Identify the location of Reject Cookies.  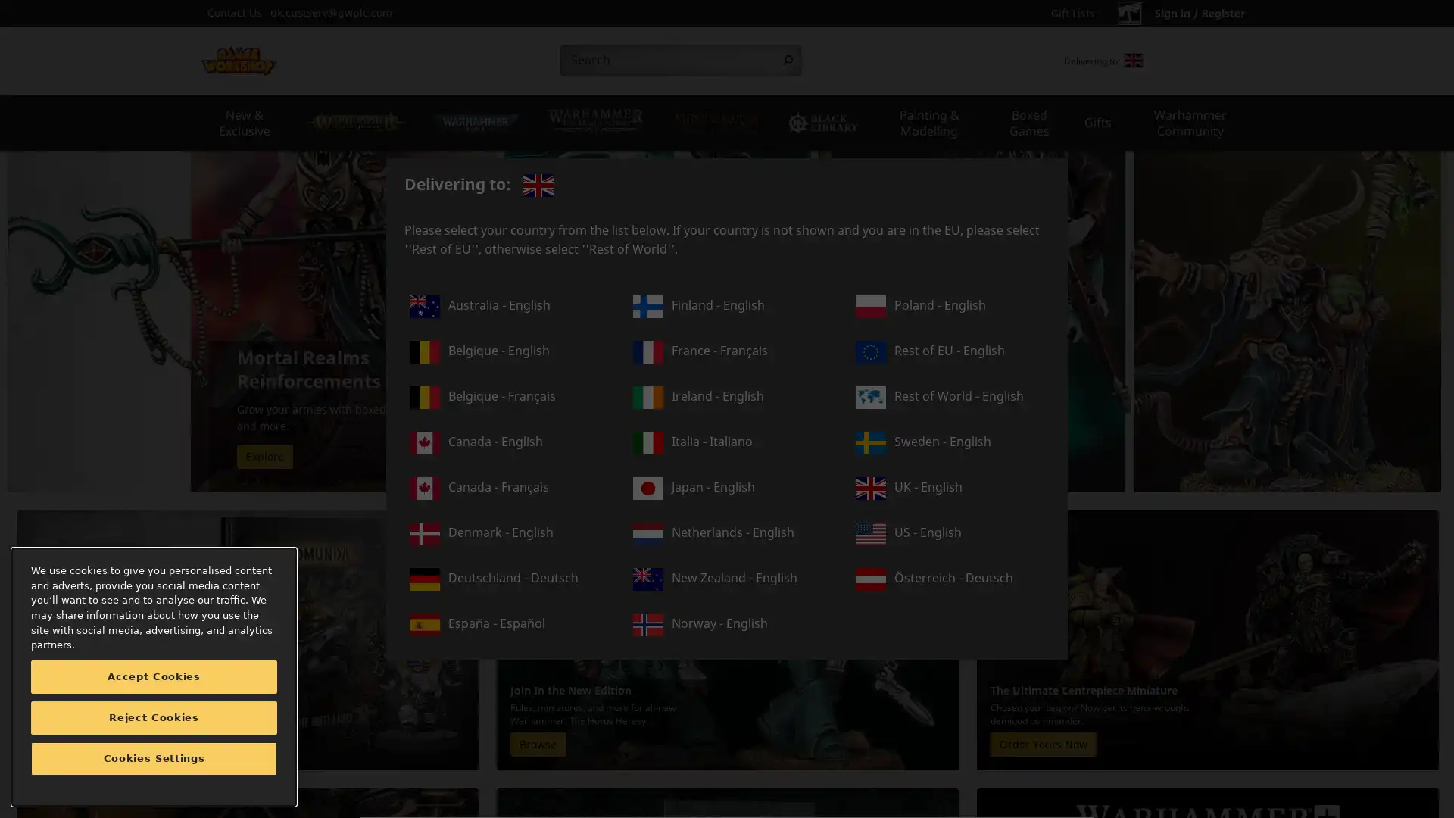
(154, 717).